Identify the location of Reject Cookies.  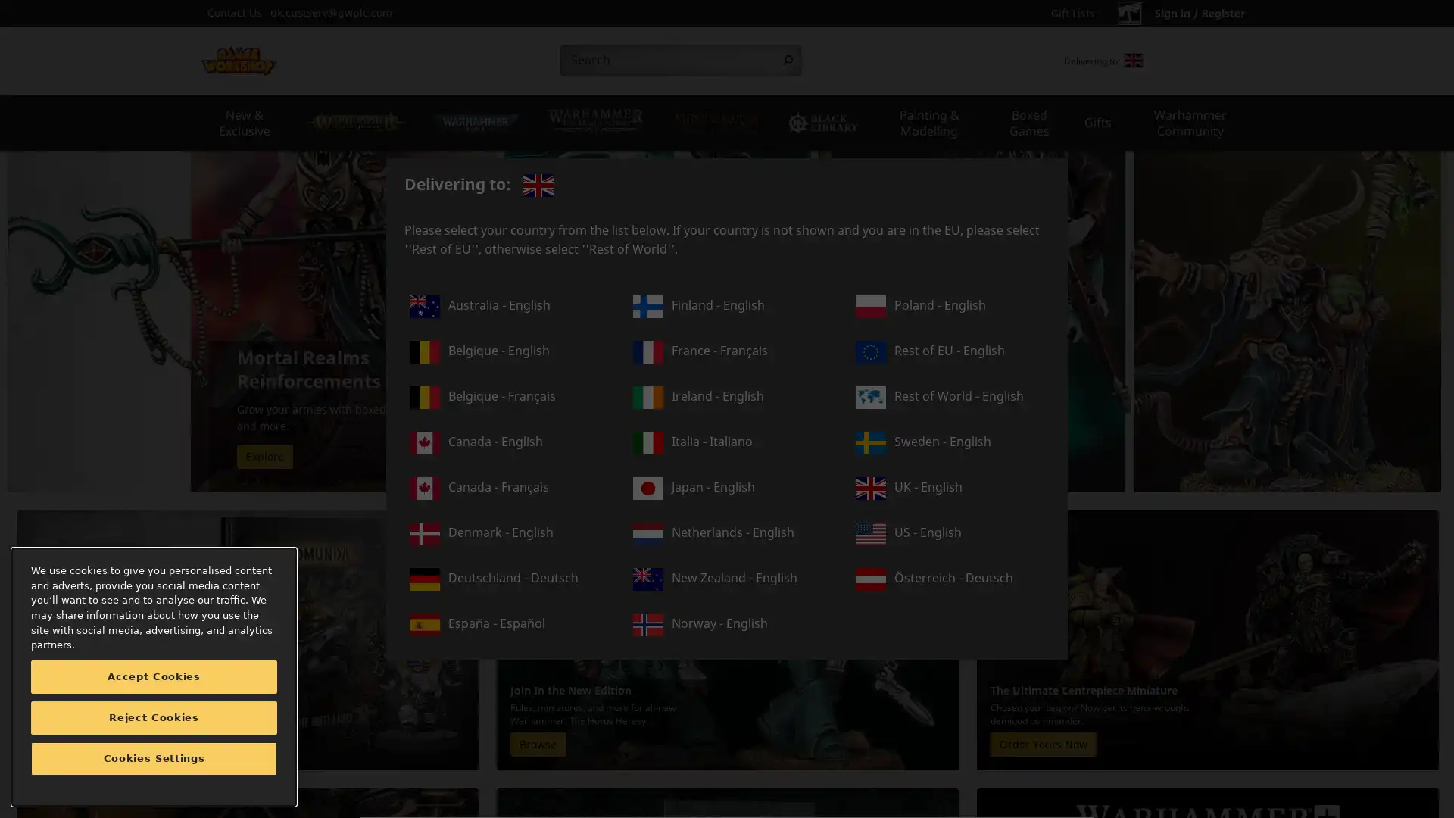
(154, 717).